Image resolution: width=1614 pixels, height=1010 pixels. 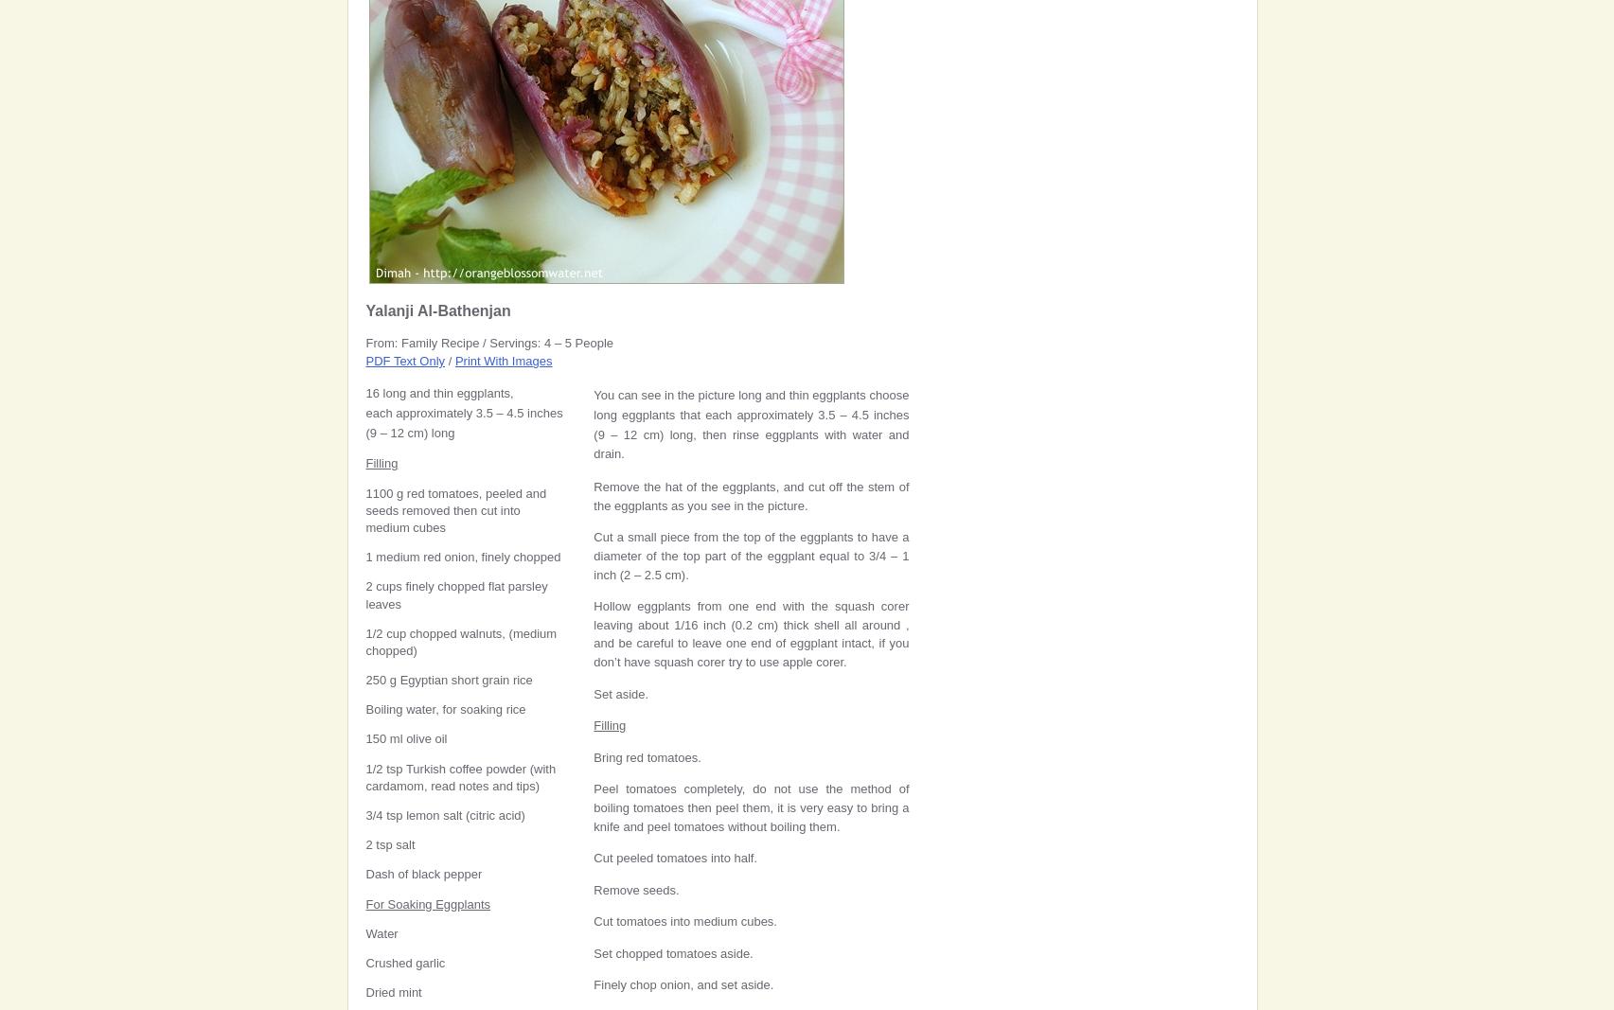 I want to click on '150 ml olive oil', so click(x=404, y=737).